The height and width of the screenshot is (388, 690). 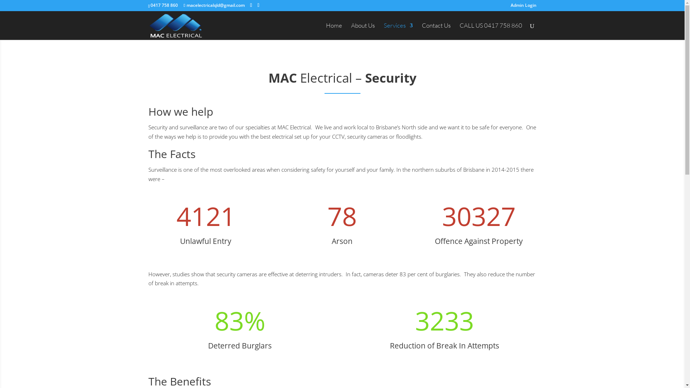 I want to click on 'About Us', so click(x=362, y=31).